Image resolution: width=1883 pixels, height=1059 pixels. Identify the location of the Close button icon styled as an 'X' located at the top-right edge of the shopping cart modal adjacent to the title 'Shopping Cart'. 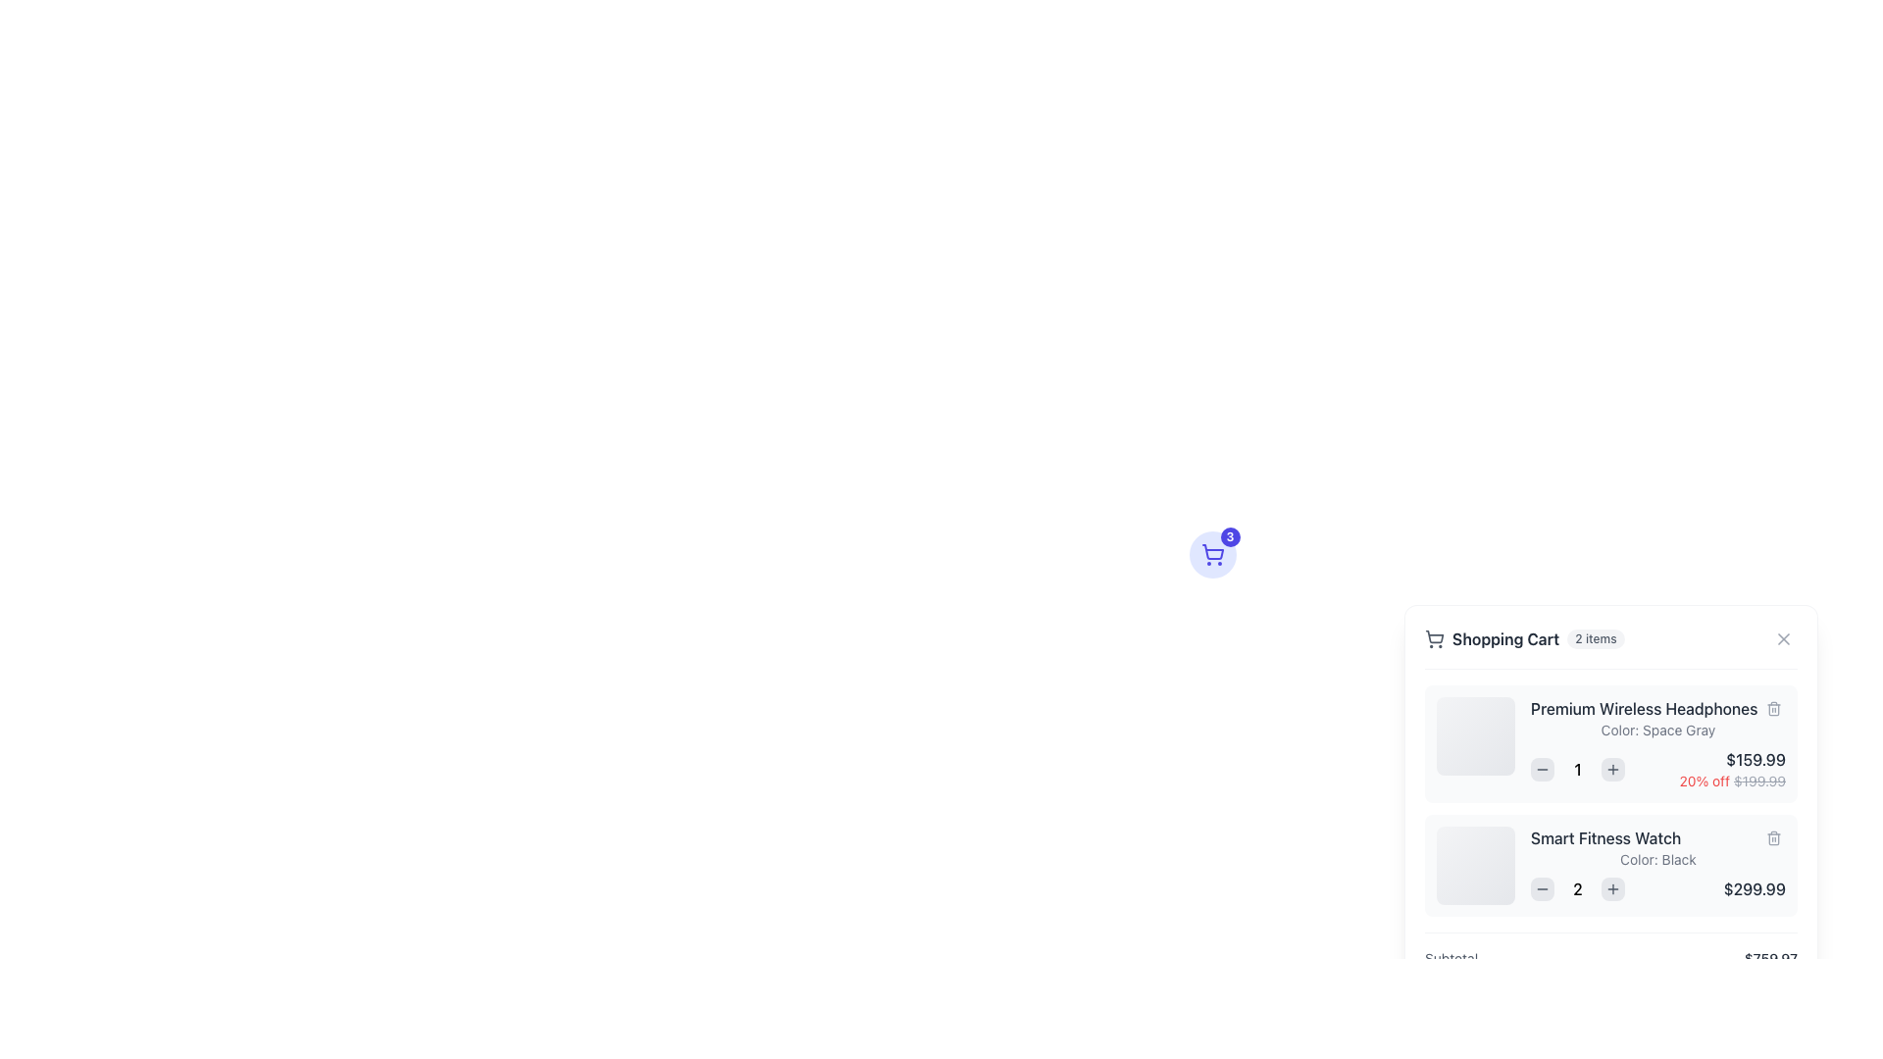
(1784, 638).